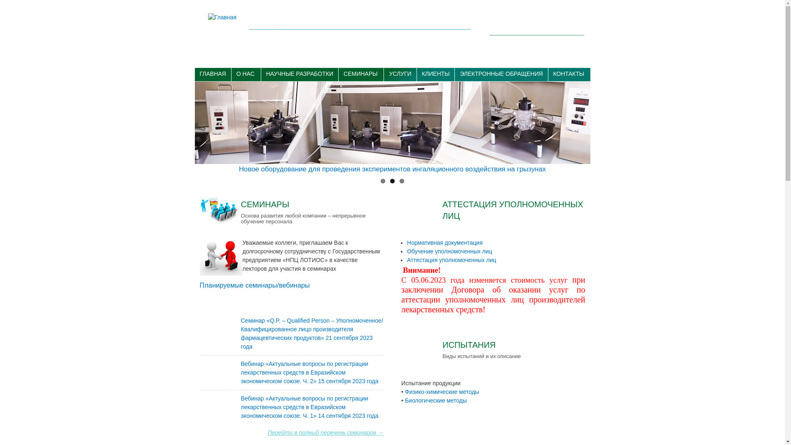 The width and height of the screenshot is (791, 445). I want to click on '2', so click(392, 180).